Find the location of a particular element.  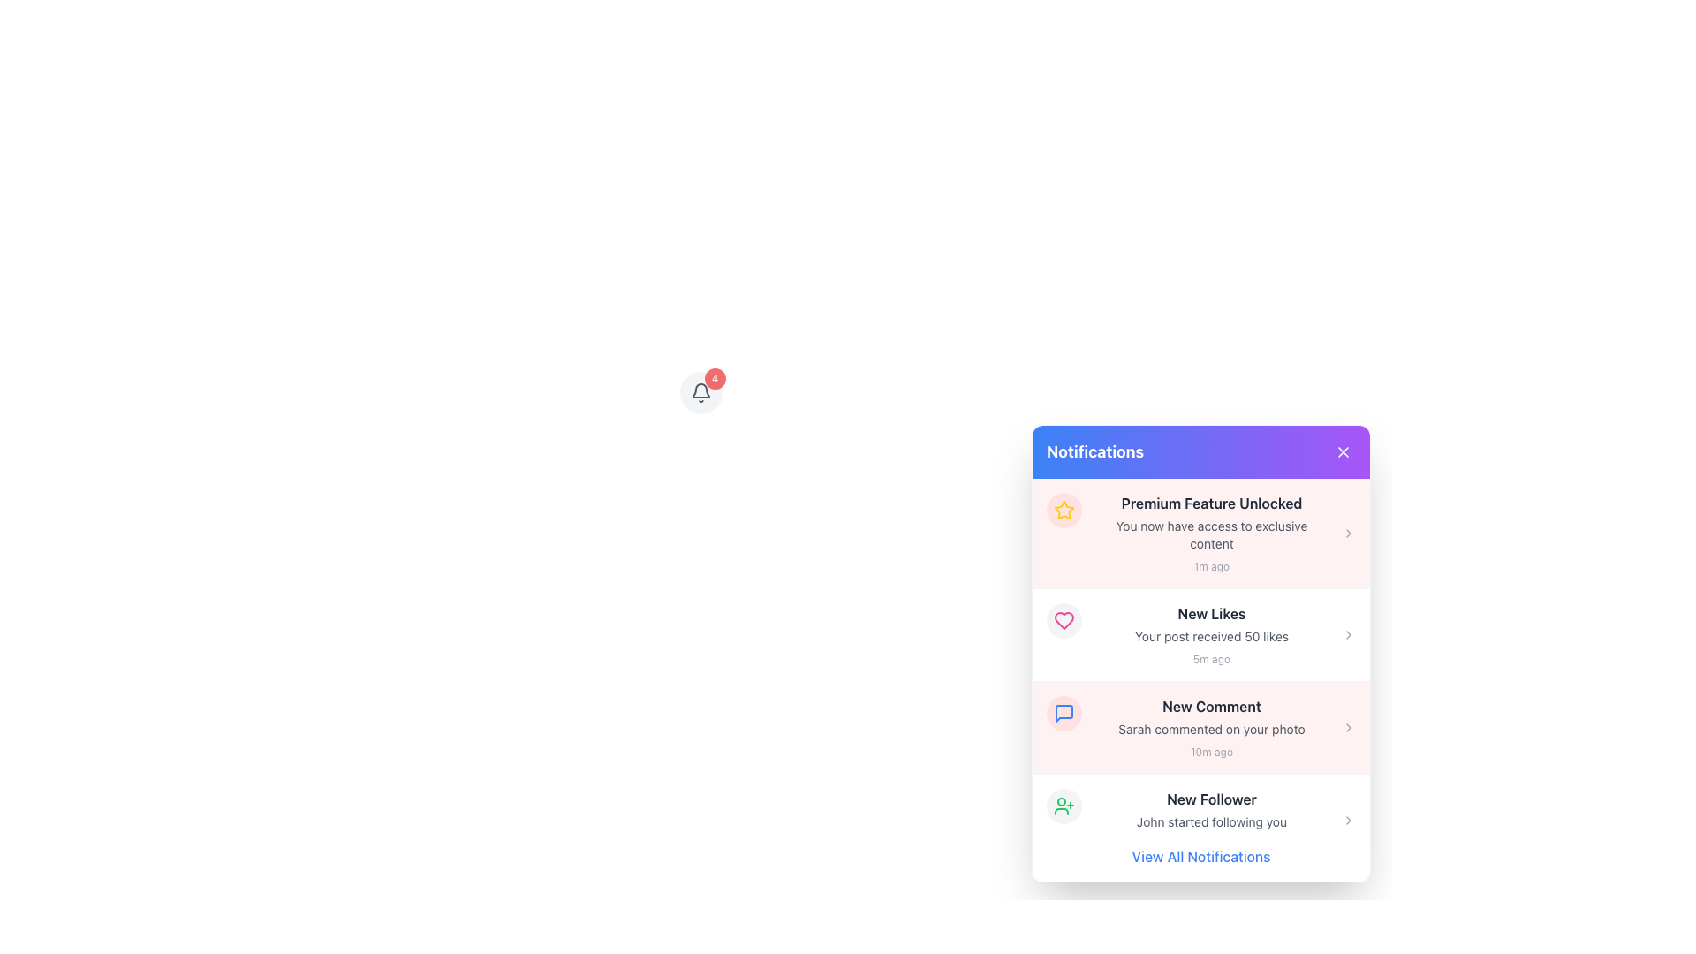

text content of the Text Label that displays 'Sarah commented on your photo', located under the 'New Comment' section in the notifications panel is located at coordinates (1211, 729).